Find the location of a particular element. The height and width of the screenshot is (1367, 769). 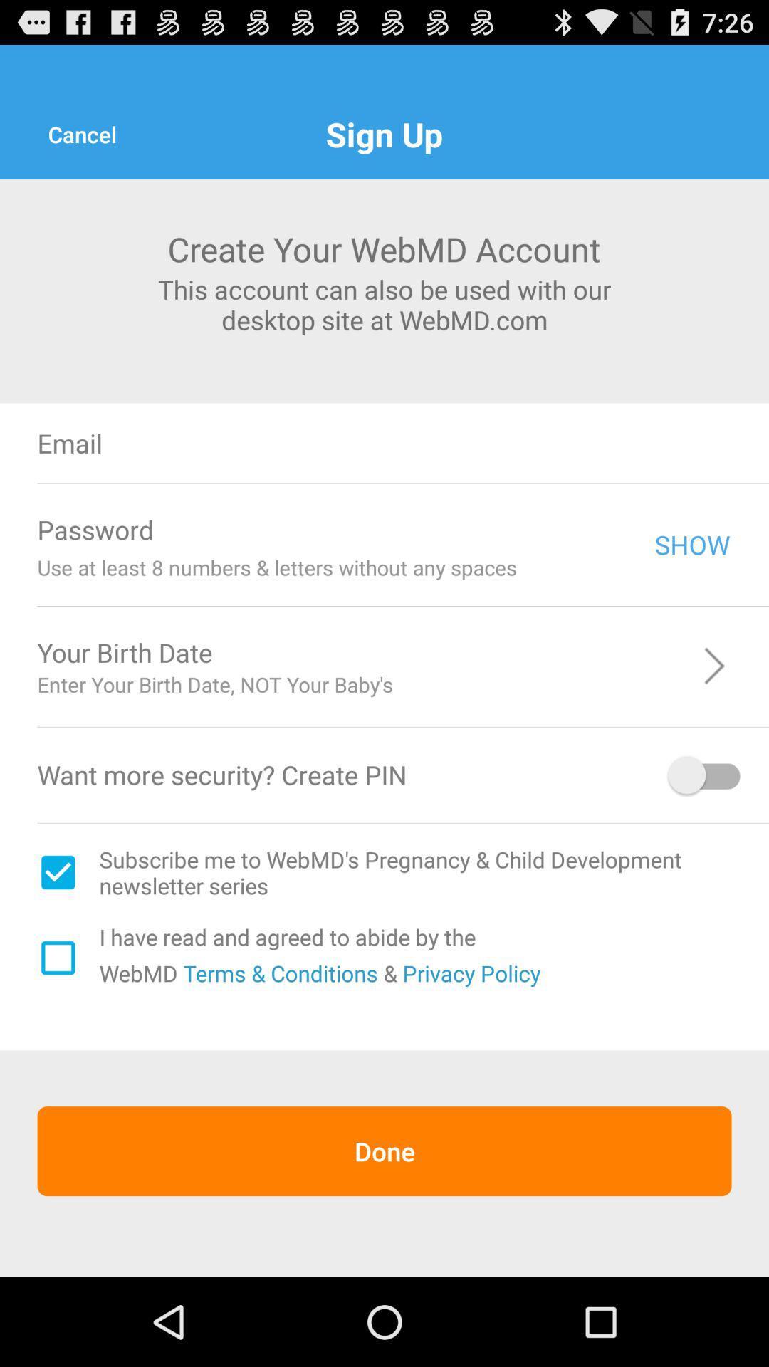

icon above the enter your birth is located at coordinates (496, 651).